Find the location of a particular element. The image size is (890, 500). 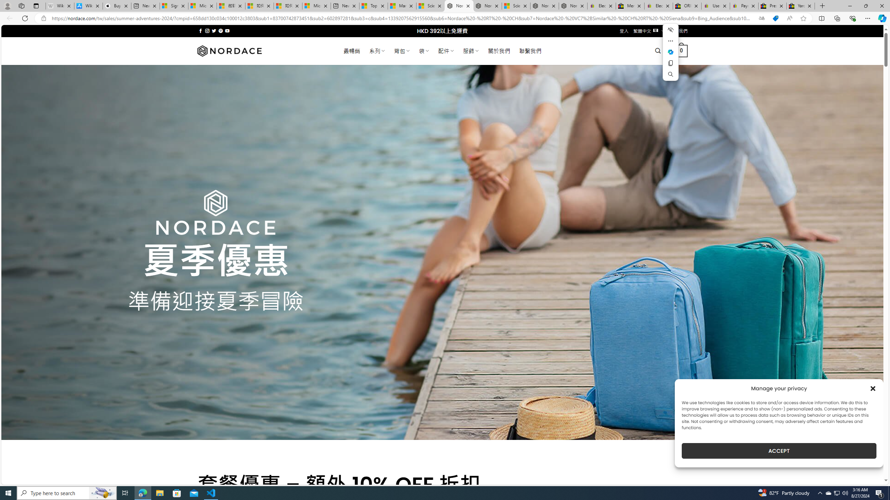

'Yard, Garden & Outdoor Living' is located at coordinates (800, 6).